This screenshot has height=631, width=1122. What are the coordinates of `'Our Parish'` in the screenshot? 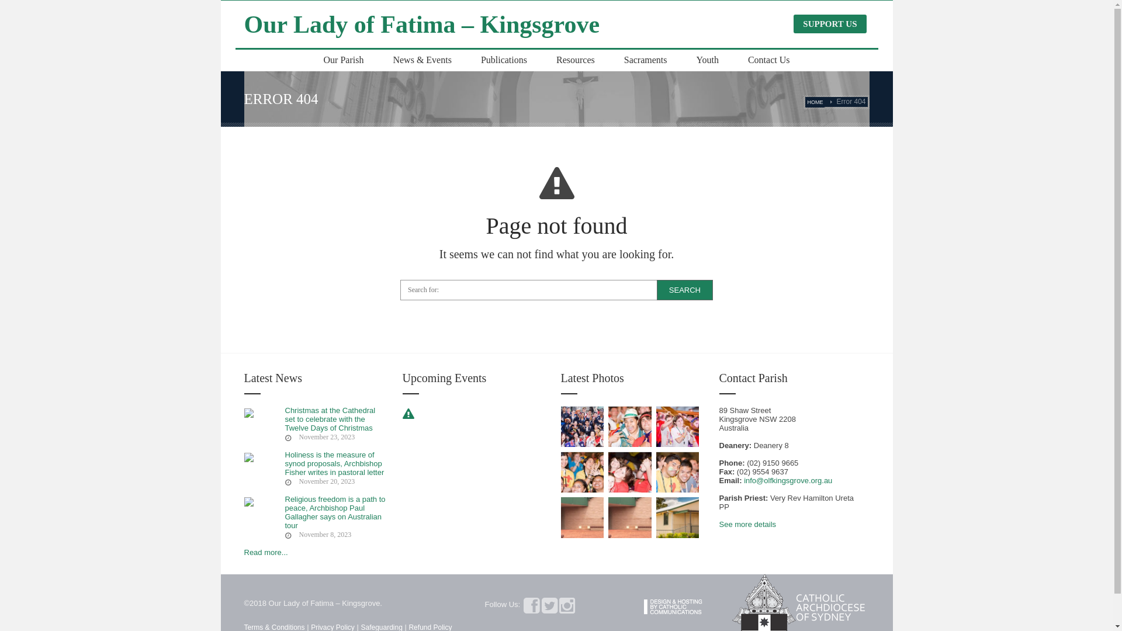 It's located at (323, 60).